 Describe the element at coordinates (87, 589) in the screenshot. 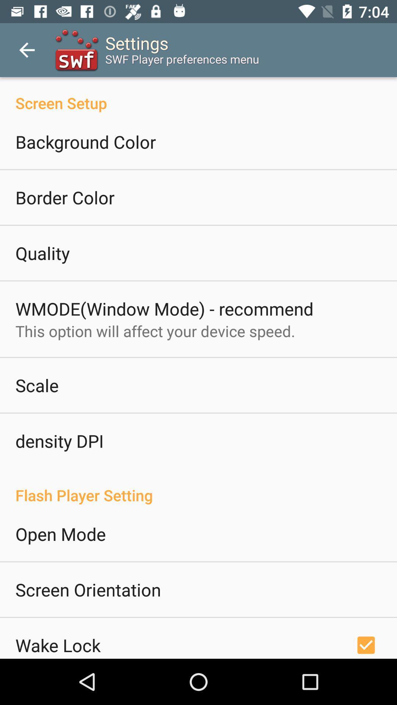

I see `screen orientation icon` at that location.